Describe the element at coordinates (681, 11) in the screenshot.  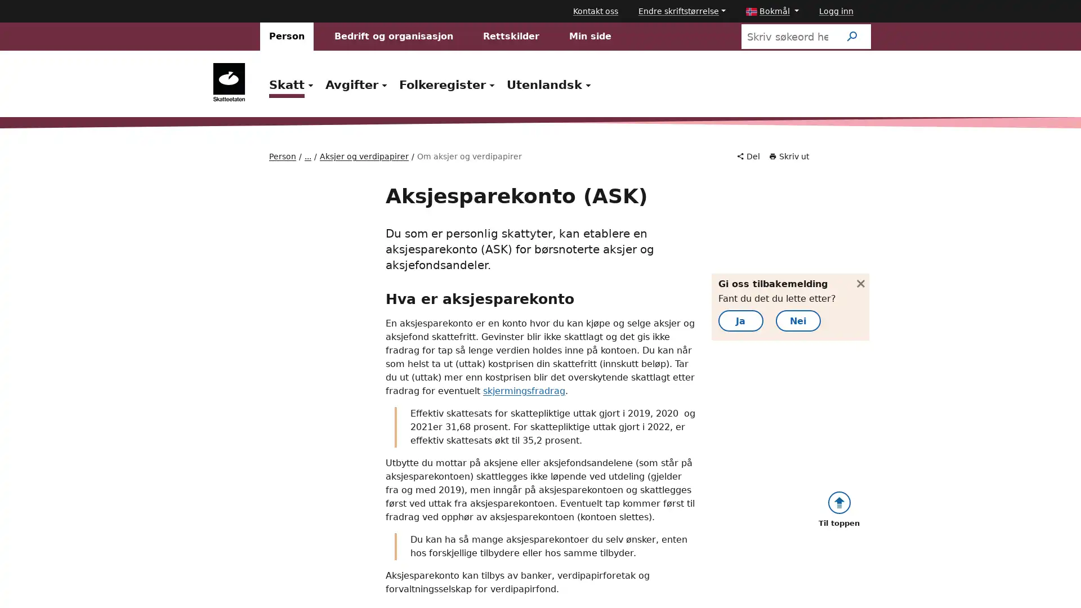
I see `Endre skriftstrrelse` at that location.